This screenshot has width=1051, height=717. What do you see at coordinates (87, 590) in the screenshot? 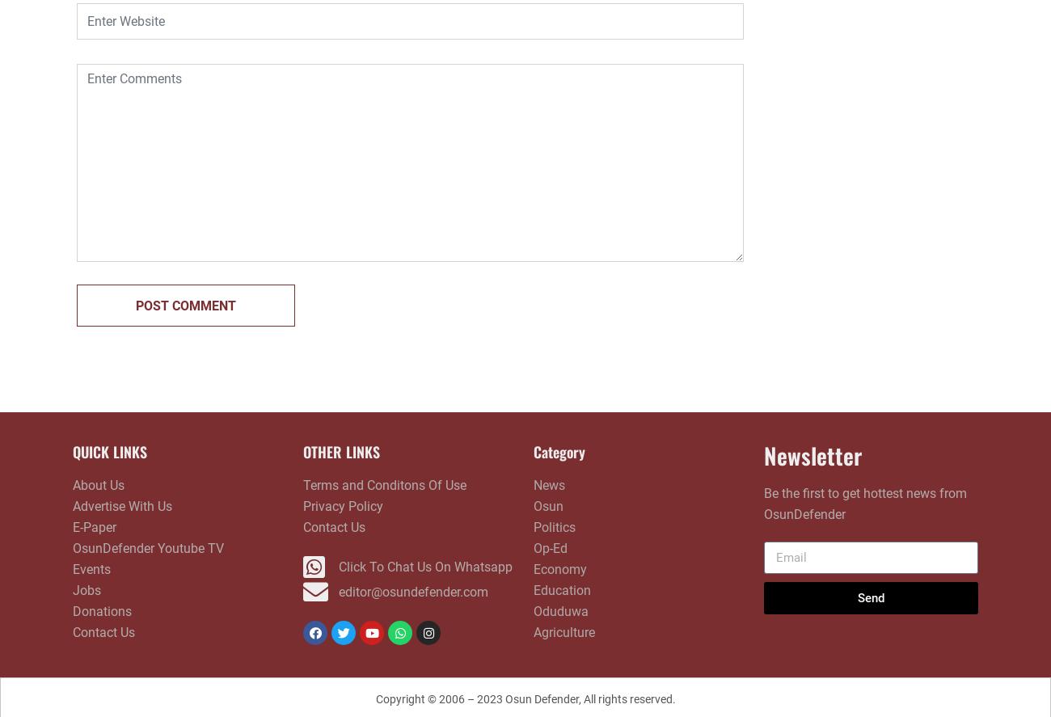
I see `'Jobs'` at bounding box center [87, 590].